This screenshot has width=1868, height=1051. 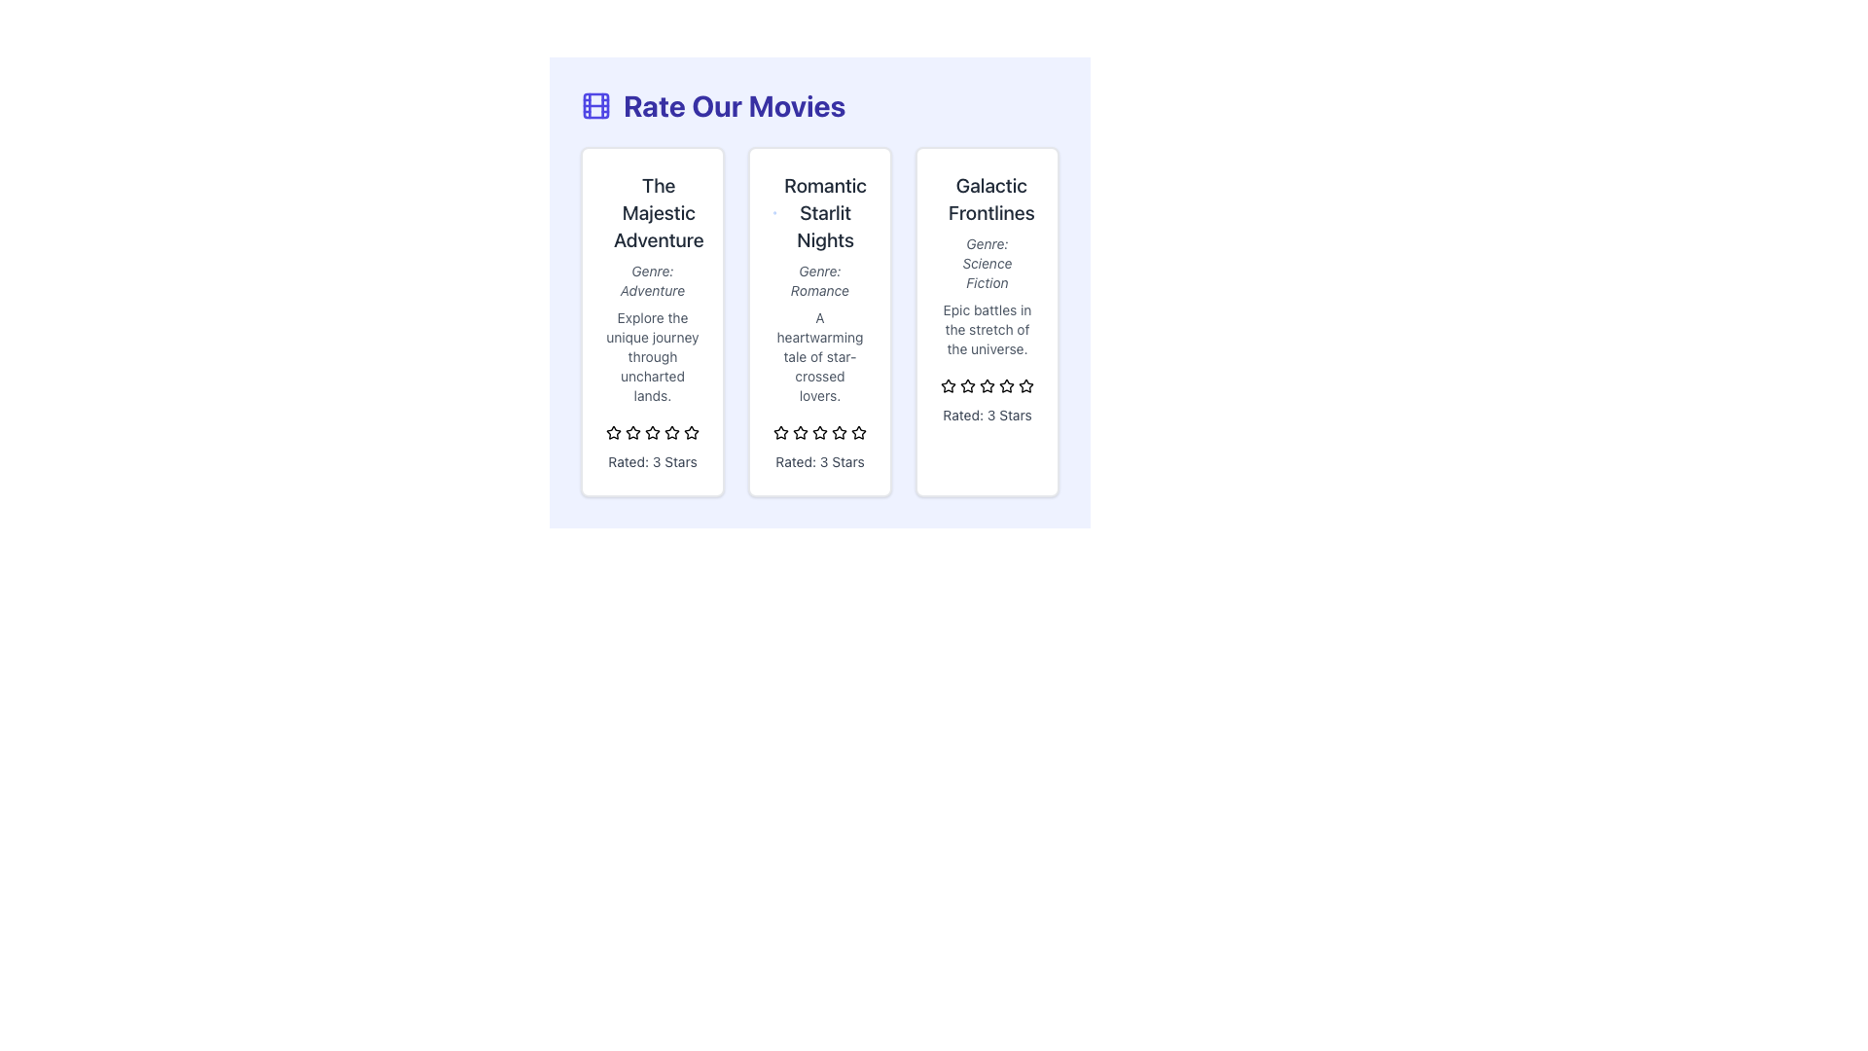 I want to click on the third star icon in the horizontal line of five stars, which represents the third rating level in the star-based rating system for the card labeled 'Romantic Starlit Nights', so click(x=820, y=431).